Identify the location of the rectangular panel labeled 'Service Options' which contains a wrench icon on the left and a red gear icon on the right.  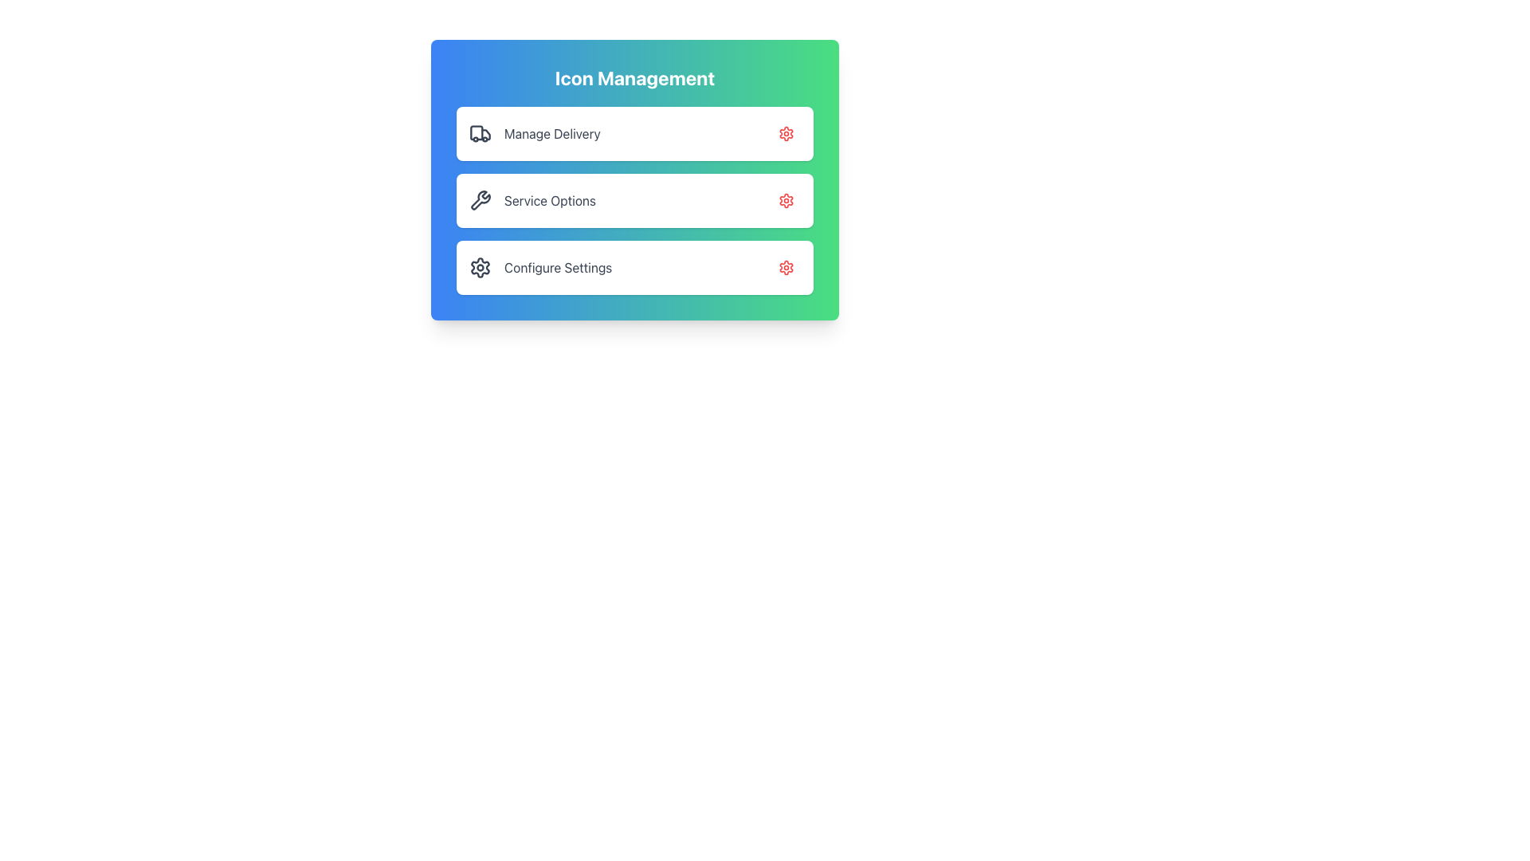
(634, 199).